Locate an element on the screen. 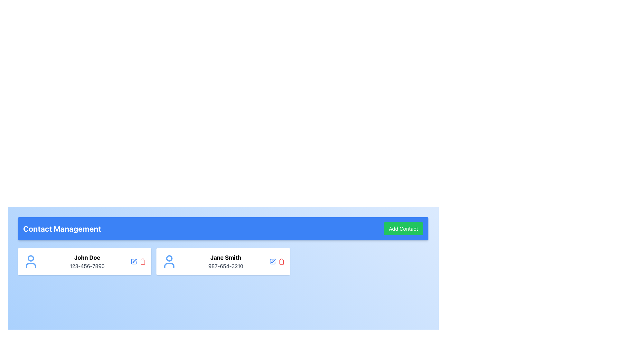 This screenshot has width=618, height=348. the small circular shape with a blue outline that represents the head portion of the user icon for Jane Smith in the second contact card of the Contact Management interface is located at coordinates (169, 258).